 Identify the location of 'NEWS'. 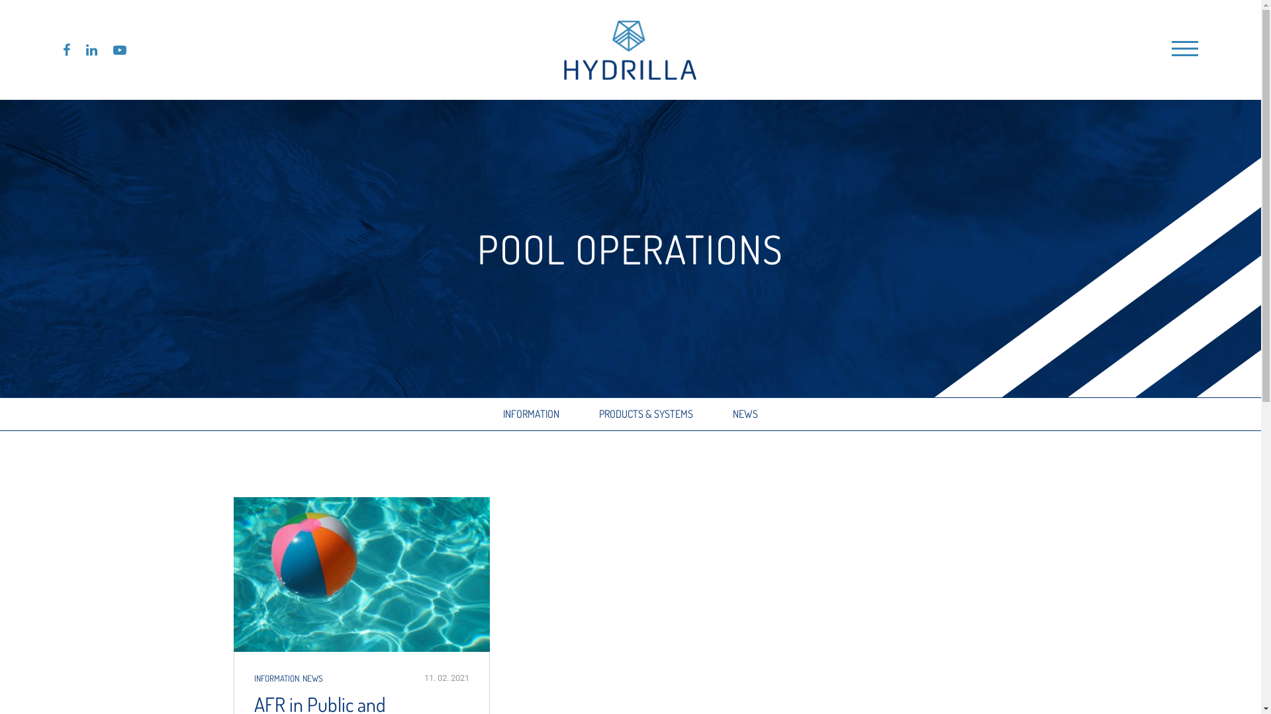
(301, 678).